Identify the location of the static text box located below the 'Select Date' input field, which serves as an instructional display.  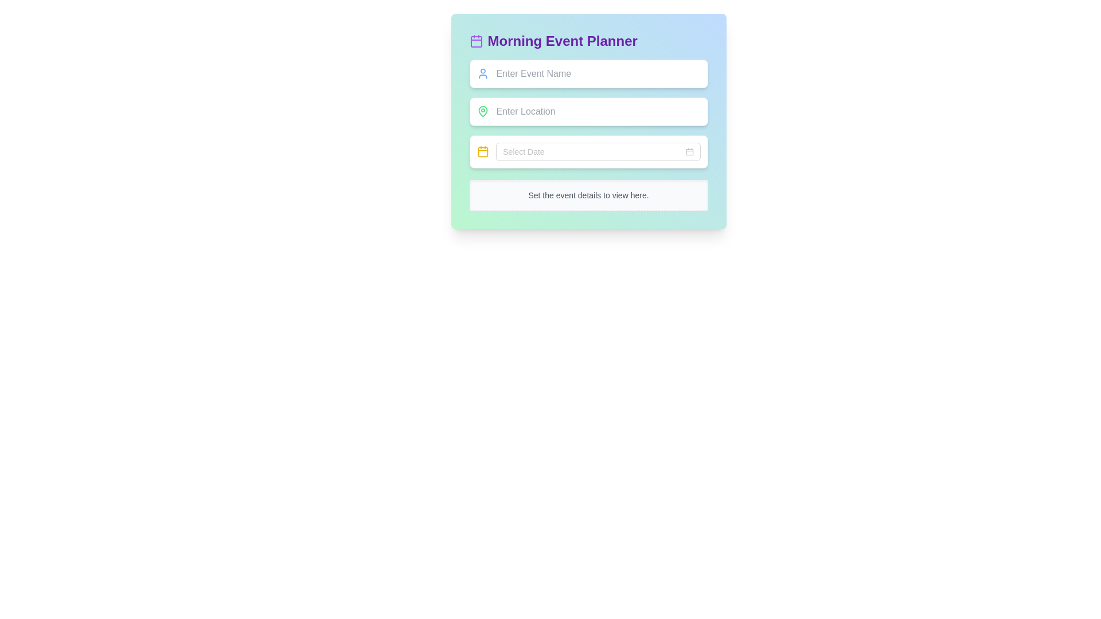
(588, 194).